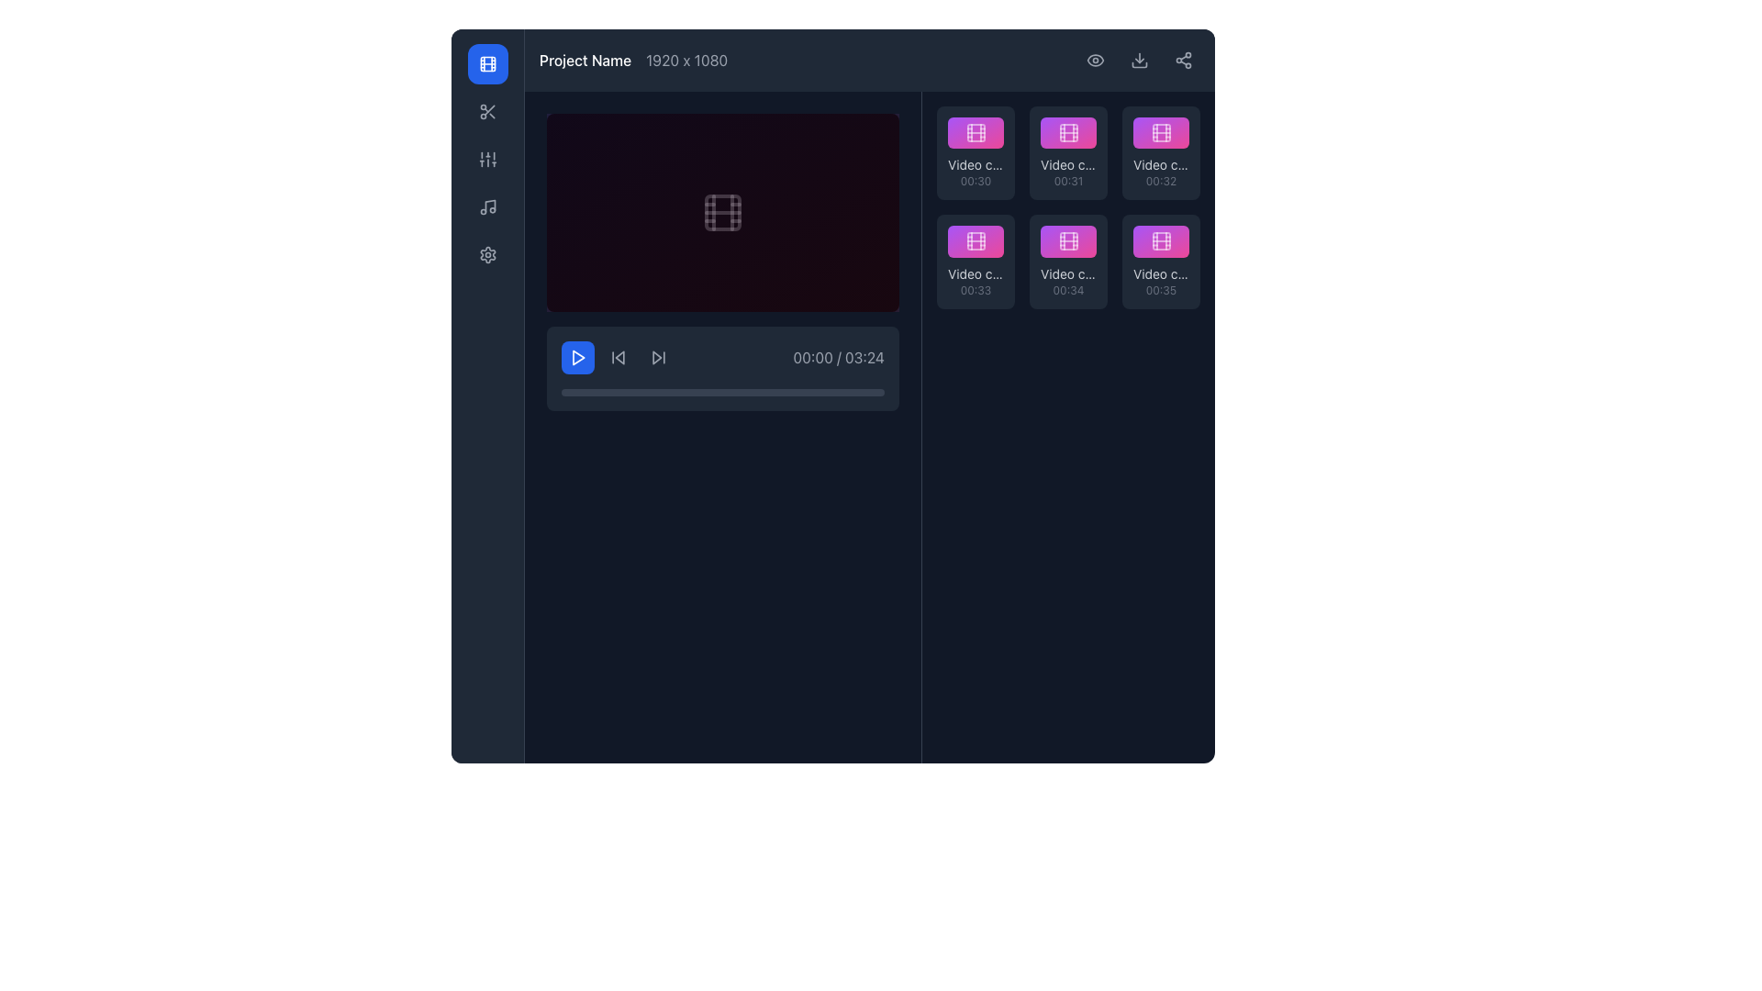  I want to click on the music note icon in the left sidebar, which is the fourth icon from the top, so click(487, 206).